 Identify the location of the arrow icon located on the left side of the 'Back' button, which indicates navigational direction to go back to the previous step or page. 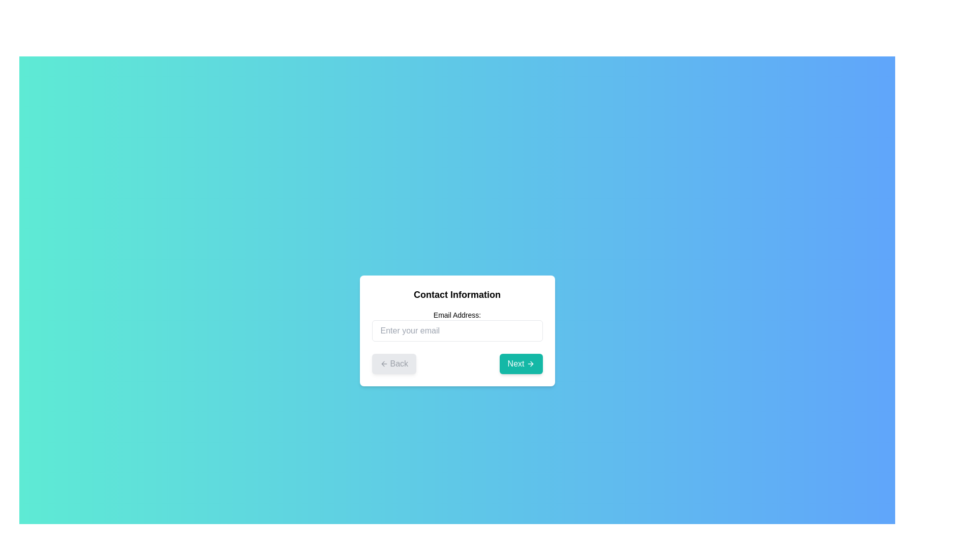
(383, 363).